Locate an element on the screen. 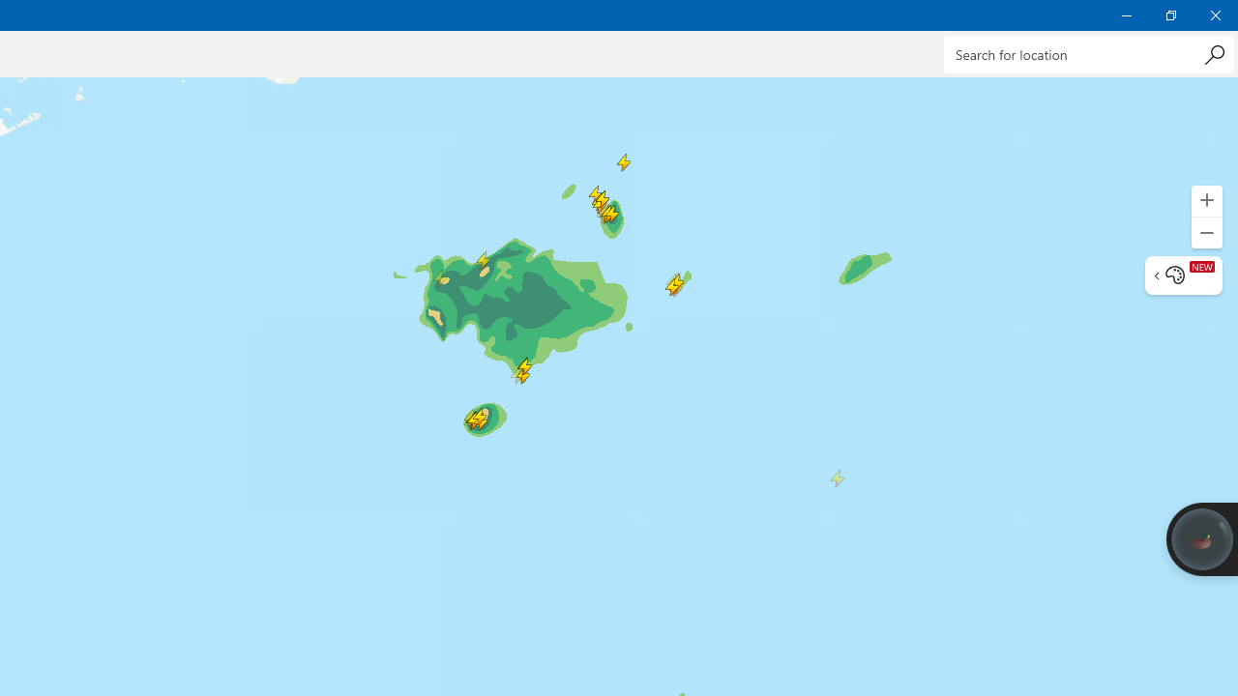  'Minimize Weather' is located at coordinates (1126, 14).